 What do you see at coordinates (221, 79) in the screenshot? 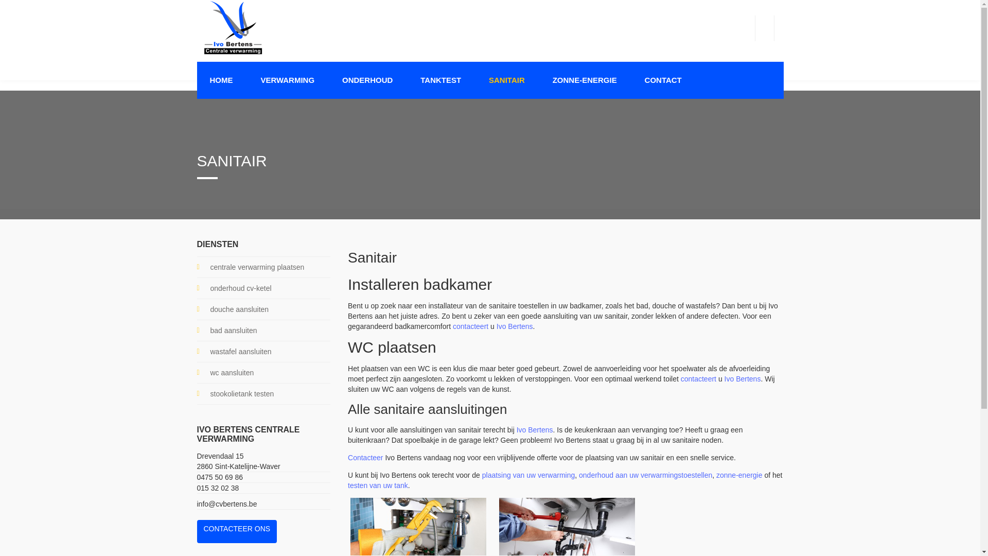
I see `'HOME'` at bounding box center [221, 79].